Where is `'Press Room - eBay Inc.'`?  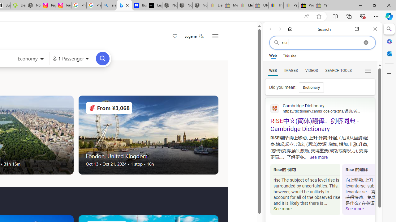
'Press Room - eBay Inc.' is located at coordinates (306, 5).